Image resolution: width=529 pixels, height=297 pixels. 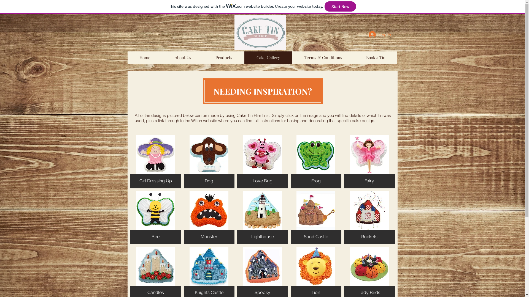 I want to click on 'Book a Tin', so click(x=353, y=57).